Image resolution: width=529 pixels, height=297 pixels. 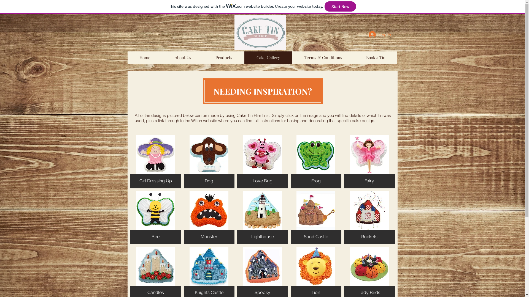 I want to click on 'Book a Tin', so click(x=353, y=57).